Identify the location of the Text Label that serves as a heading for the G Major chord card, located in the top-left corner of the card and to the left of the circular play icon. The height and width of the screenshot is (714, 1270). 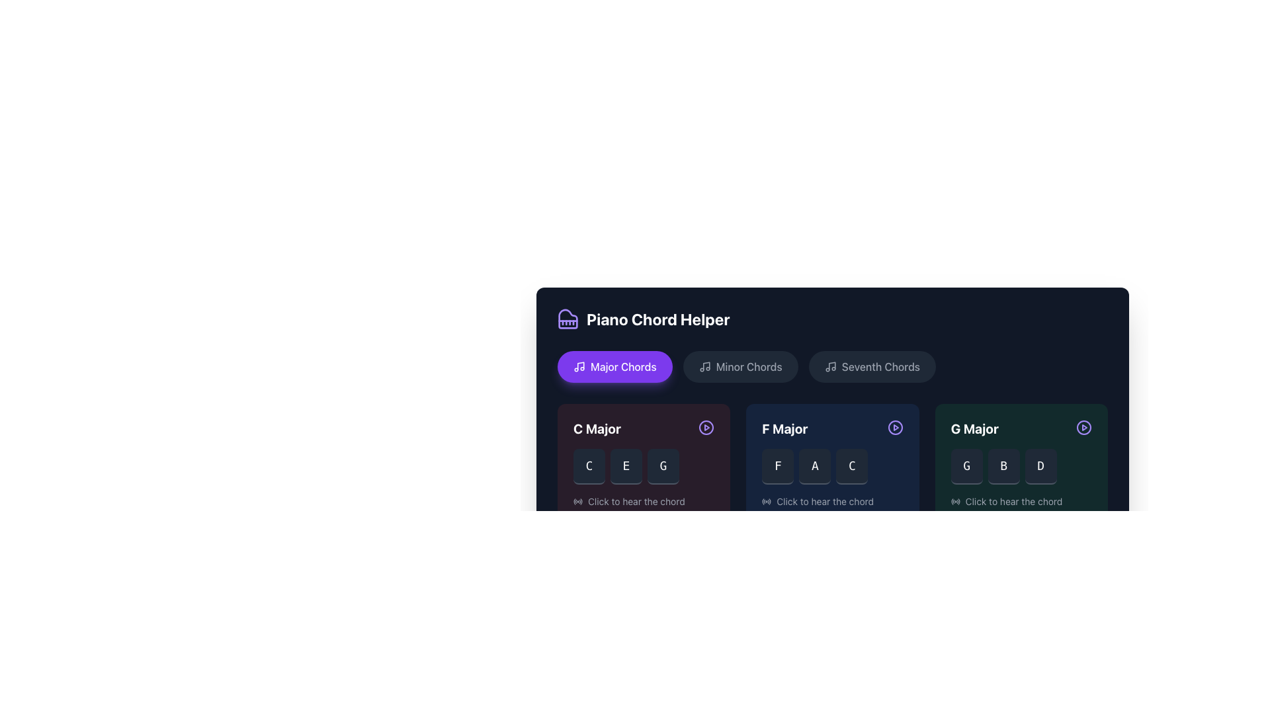
(974, 428).